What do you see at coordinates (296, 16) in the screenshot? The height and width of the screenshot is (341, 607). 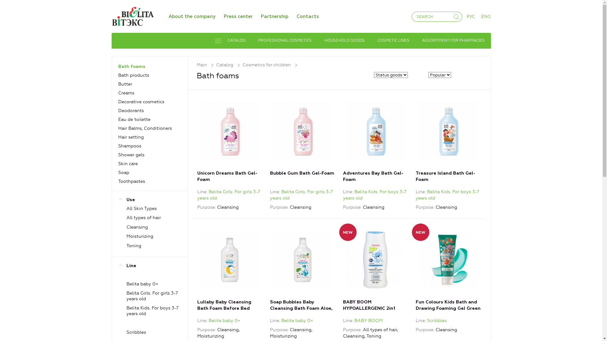 I see `'Contacts'` at bounding box center [296, 16].